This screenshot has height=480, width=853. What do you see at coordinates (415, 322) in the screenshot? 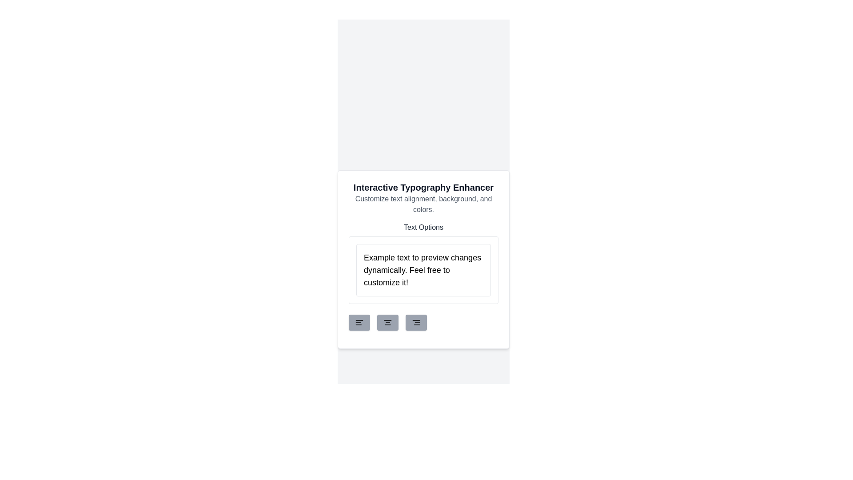
I see `the right-aligned icon button with three horizontal lines that resembles text alignment markers` at bounding box center [415, 322].